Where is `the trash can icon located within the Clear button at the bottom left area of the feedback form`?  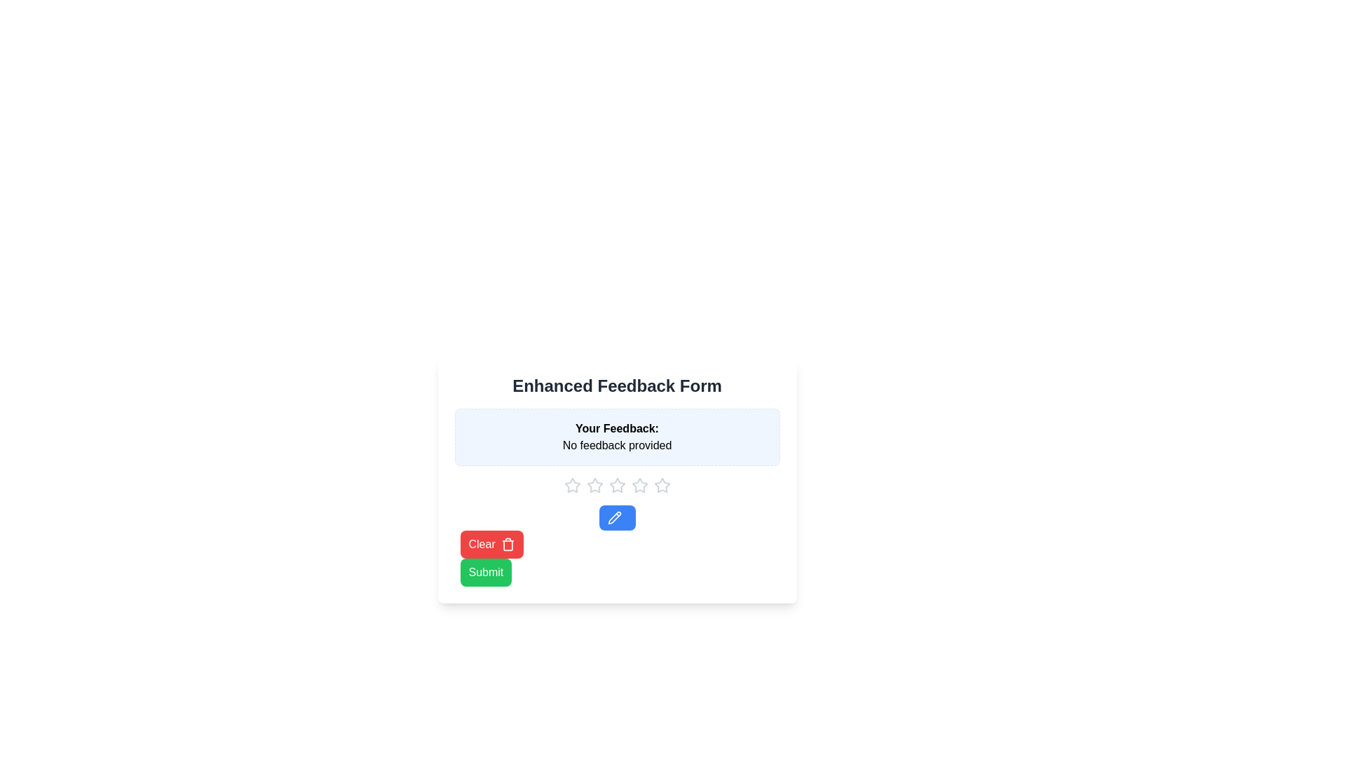
the trash can icon located within the Clear button at the bottom left area of the feedback form is located at coordinates (507, 545).